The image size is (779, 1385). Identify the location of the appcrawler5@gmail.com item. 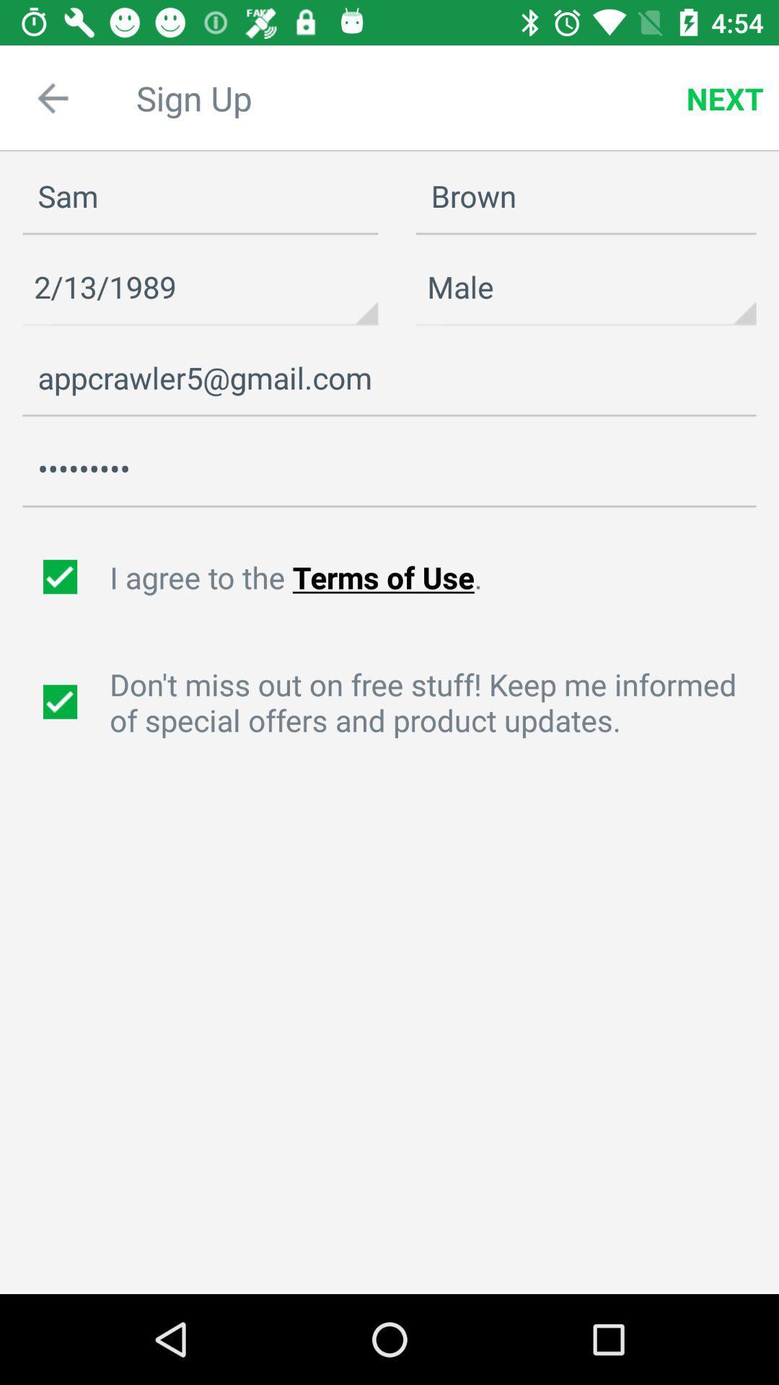
(389, 378).